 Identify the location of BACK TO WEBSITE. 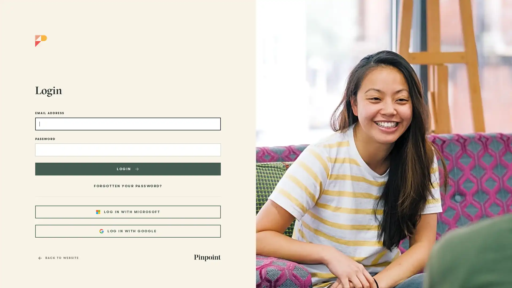
(58, 258).